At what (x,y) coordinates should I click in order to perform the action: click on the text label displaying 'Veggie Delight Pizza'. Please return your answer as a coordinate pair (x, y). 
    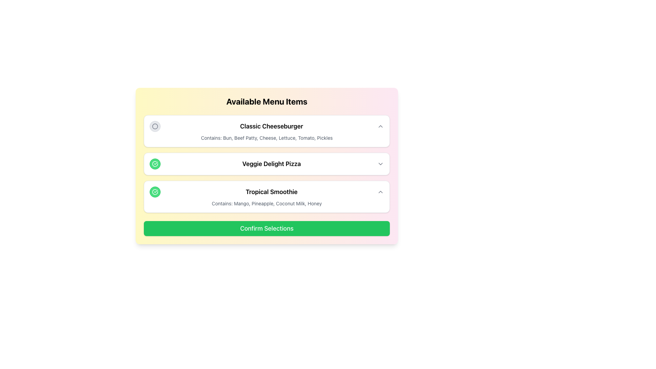
    Looking at the image, I should click on (271, 164).